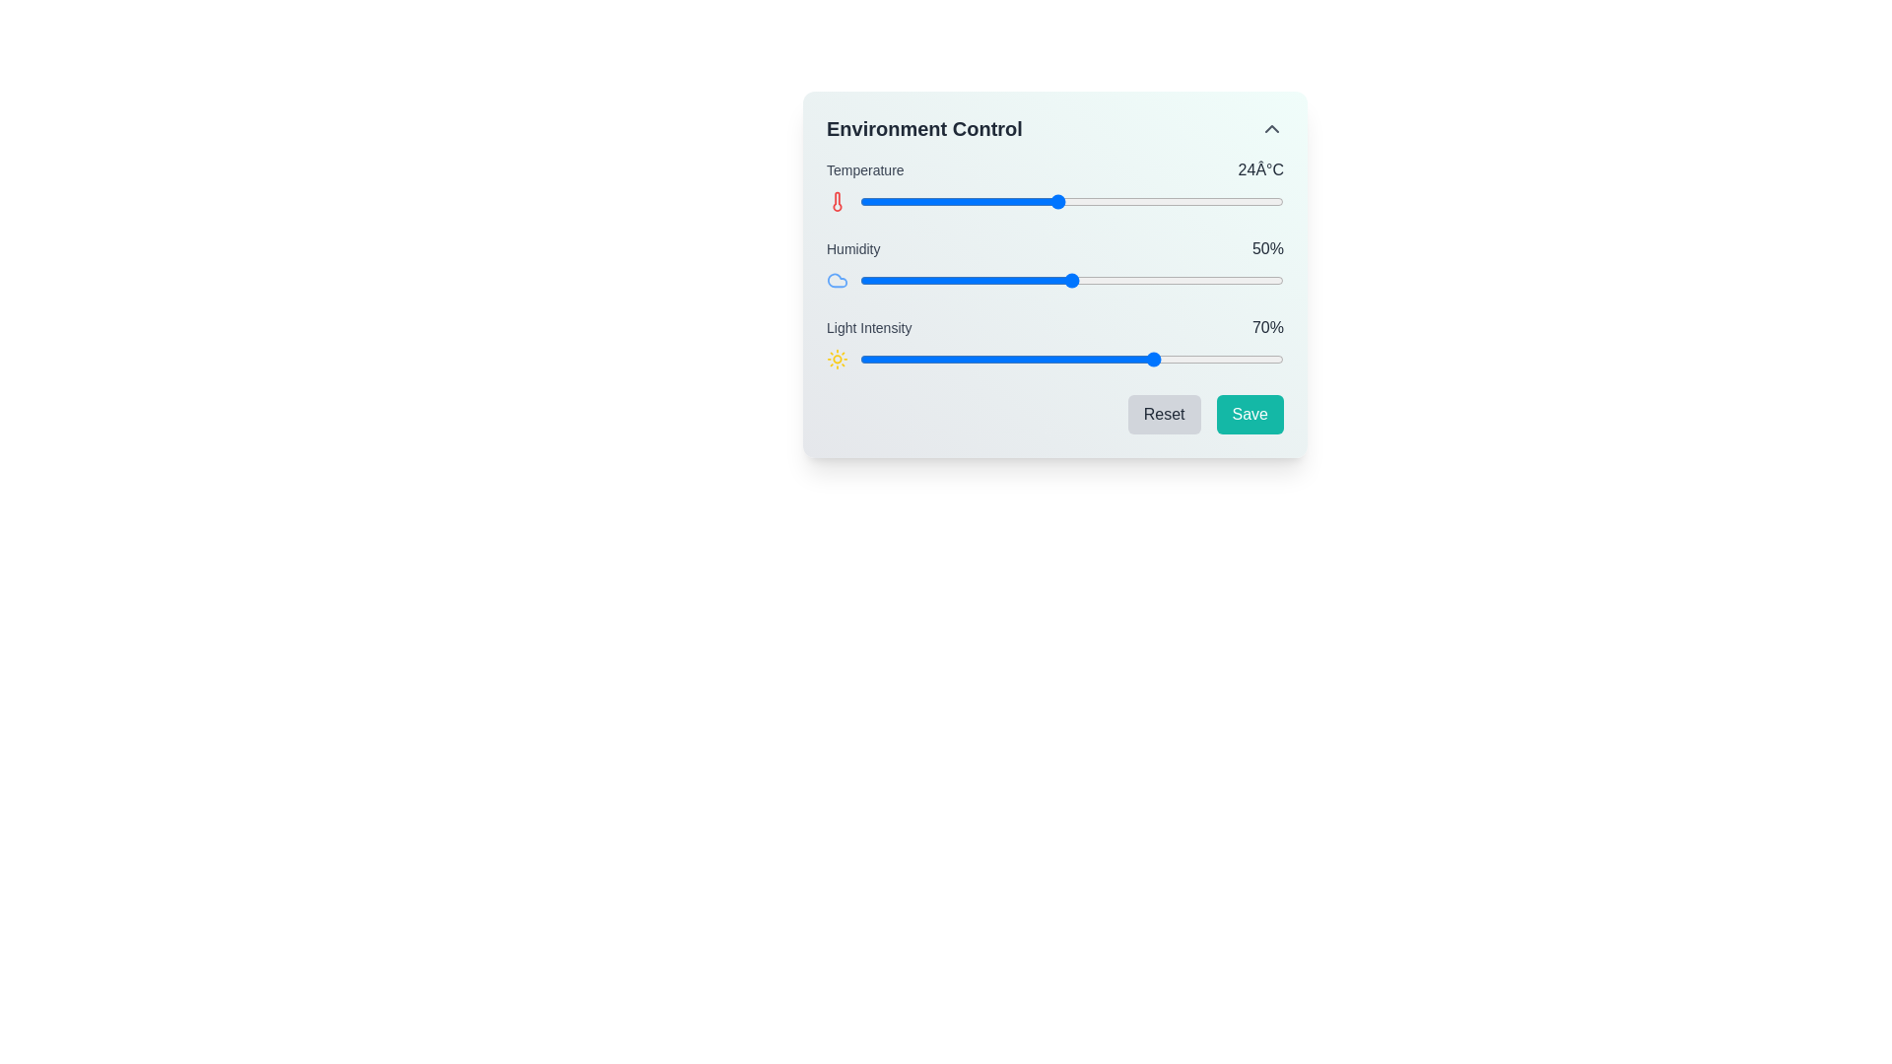  I want to click on the humidity, so click(975, 281).